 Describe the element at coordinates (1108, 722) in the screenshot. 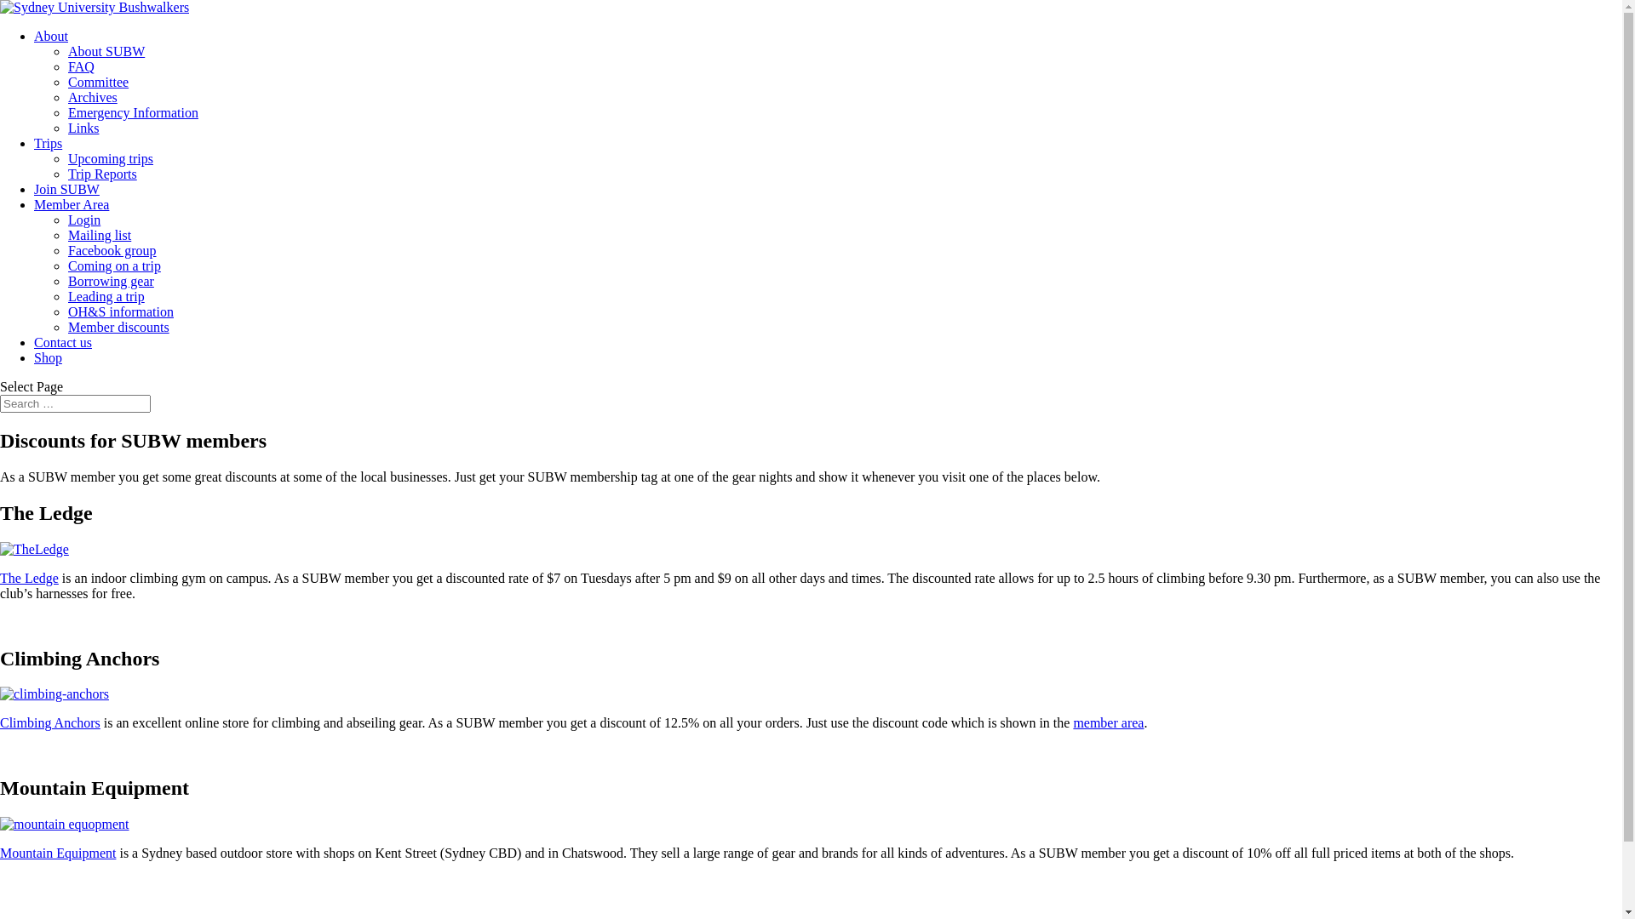

I see `'member area'` at that location.